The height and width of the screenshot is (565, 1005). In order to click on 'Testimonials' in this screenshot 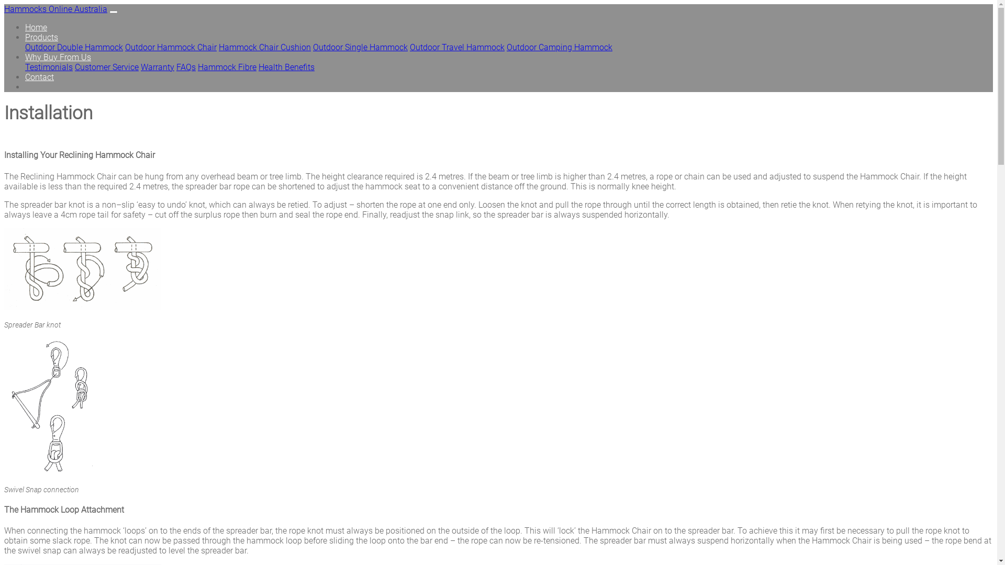, I will do `click(48, 67)`.